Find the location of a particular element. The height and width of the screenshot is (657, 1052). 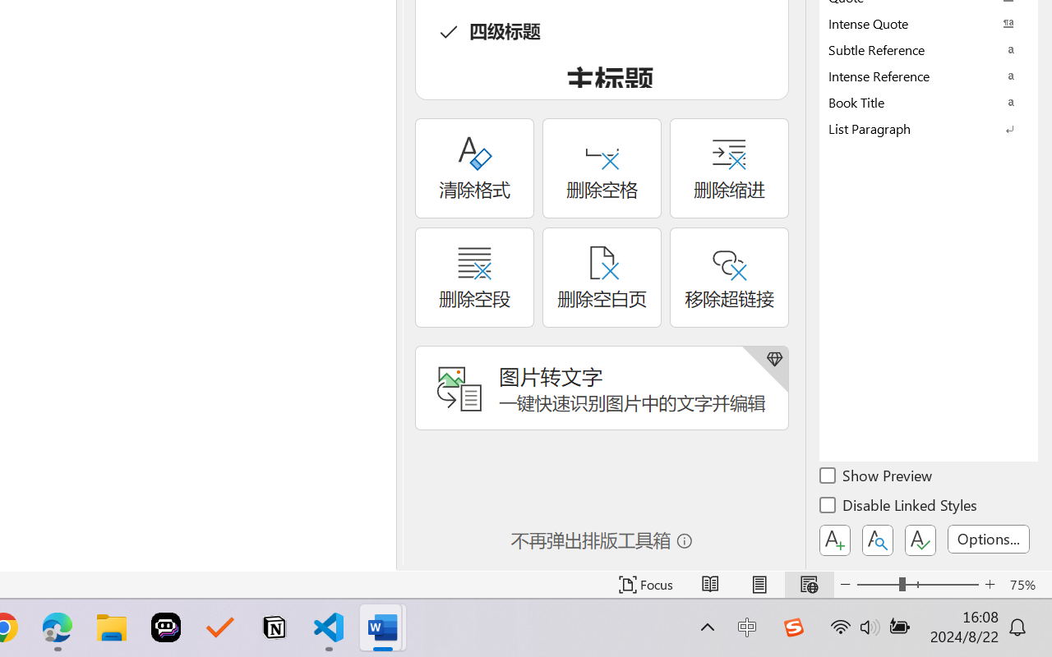

'Read Mode' is located at coordinates (710, 584).